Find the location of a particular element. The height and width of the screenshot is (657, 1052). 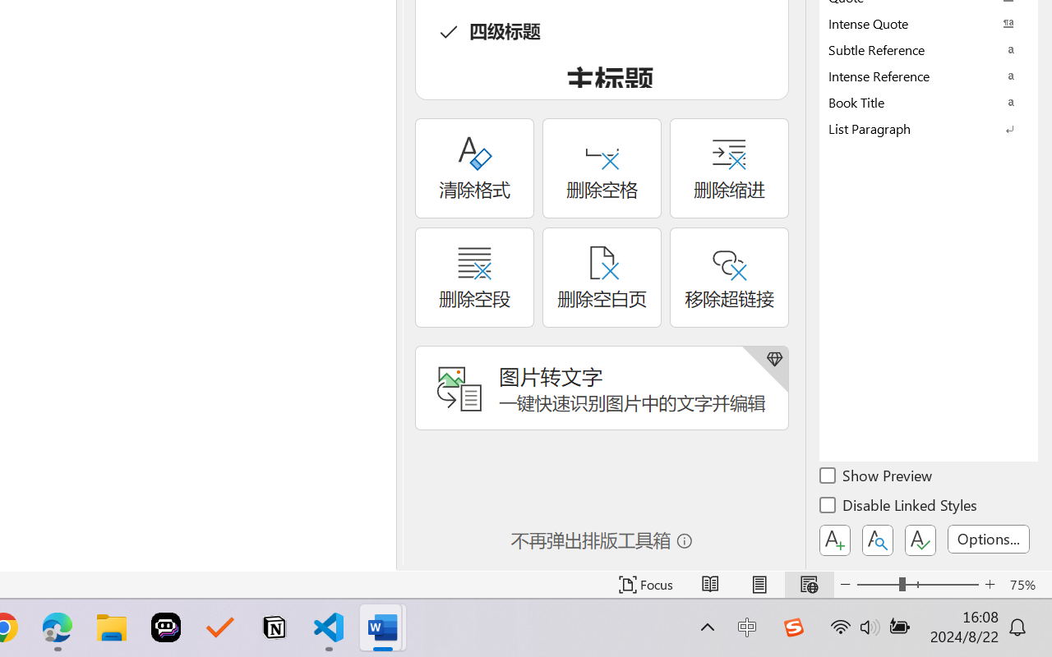

'Read Mode' is located at coordinates (710, 584).